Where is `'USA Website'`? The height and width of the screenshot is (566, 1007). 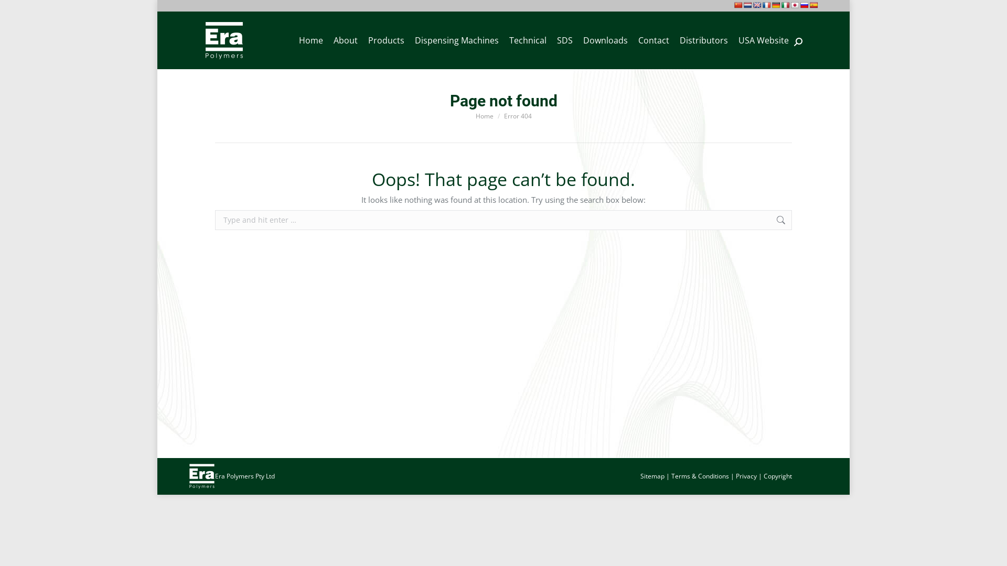
'USA Website' is located at coordinates (763, 40).